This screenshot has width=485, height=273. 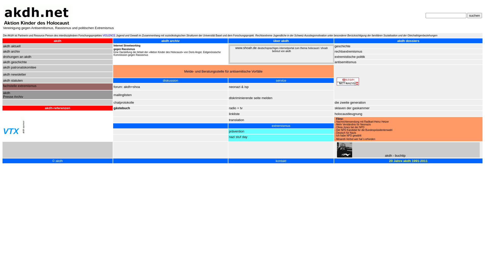 I want to click on 'antisemitismus', so click(x=345, y=62).